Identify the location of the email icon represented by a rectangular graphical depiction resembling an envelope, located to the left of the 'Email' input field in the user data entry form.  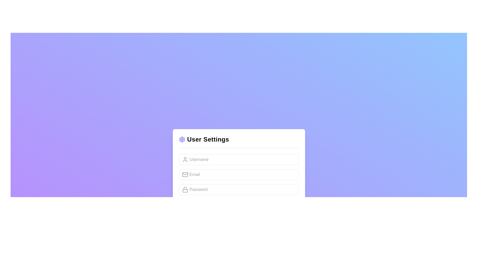
(185, 174).